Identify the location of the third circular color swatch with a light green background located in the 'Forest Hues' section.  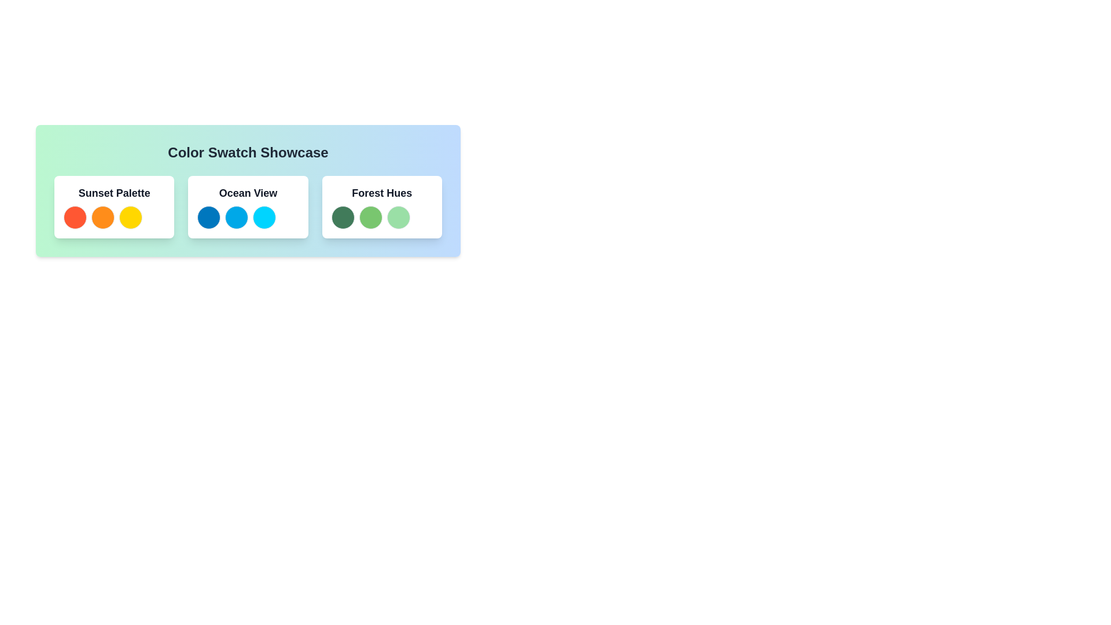
(398, 217).